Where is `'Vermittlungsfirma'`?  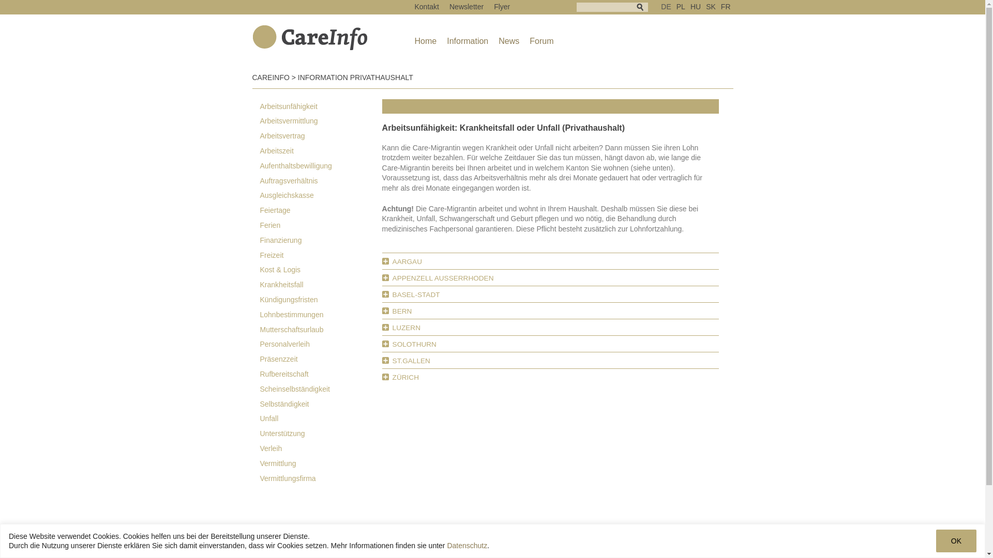 'Vermittlungsfirma' is located at coordinates (320, 478).